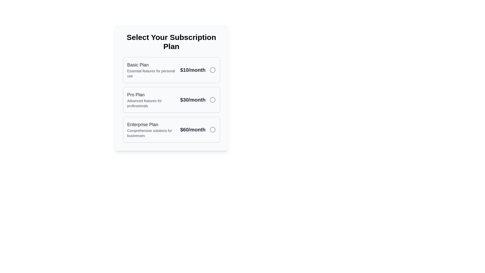 The image size is (485, 273). What do you see at coordinates (212, 70) in the screenshot?
I see `the radio button` at bounding box center [212, 70].